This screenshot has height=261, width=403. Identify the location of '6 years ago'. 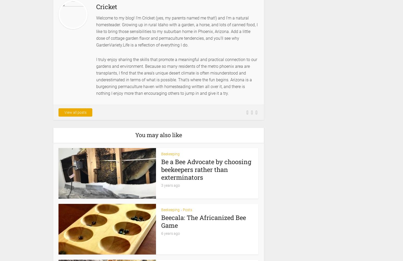
(170, 233).